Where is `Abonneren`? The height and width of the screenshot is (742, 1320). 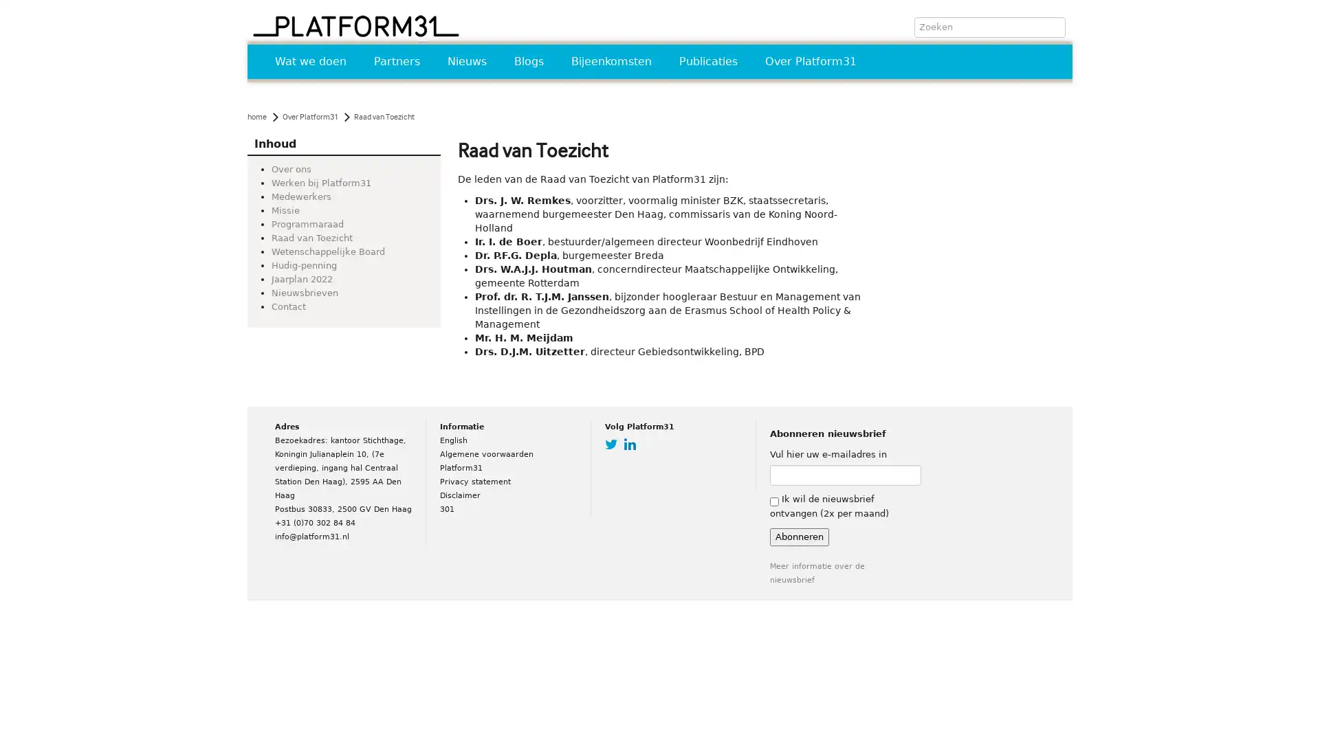 Abonneren is located at coordinates (799, 537).